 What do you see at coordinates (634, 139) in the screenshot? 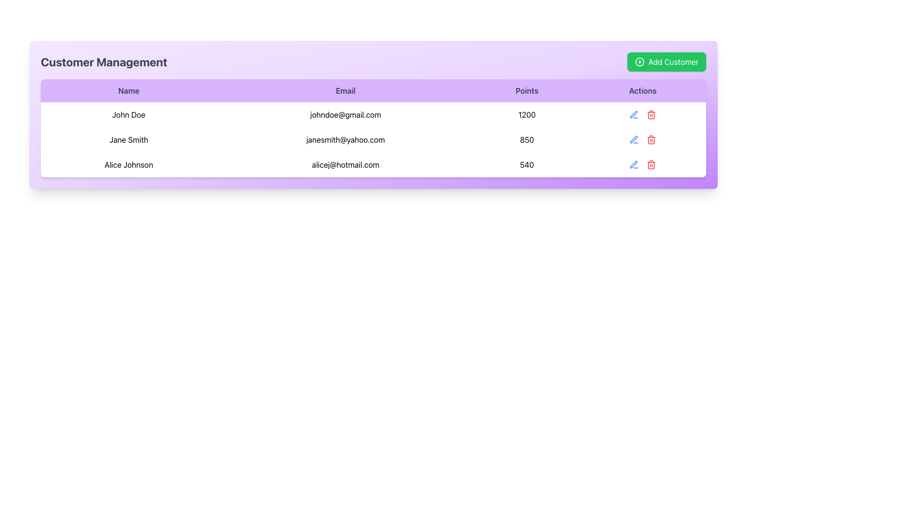
I see `the edit icon located in the 'Actions' column of the second row associated with 'Jane Smith'` at bounding box center [634, 139].